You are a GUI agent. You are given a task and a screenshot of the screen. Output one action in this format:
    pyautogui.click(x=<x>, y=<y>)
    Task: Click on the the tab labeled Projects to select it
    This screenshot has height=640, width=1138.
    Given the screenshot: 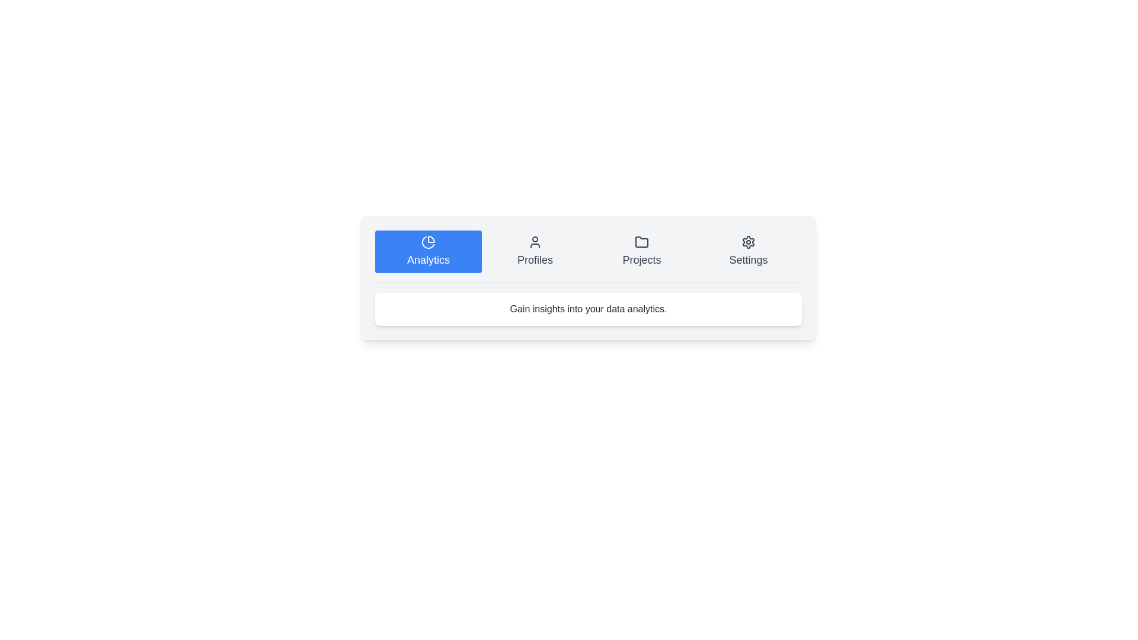 What is the action you would take?
    pyautogui.click(x=641, y=251)
    